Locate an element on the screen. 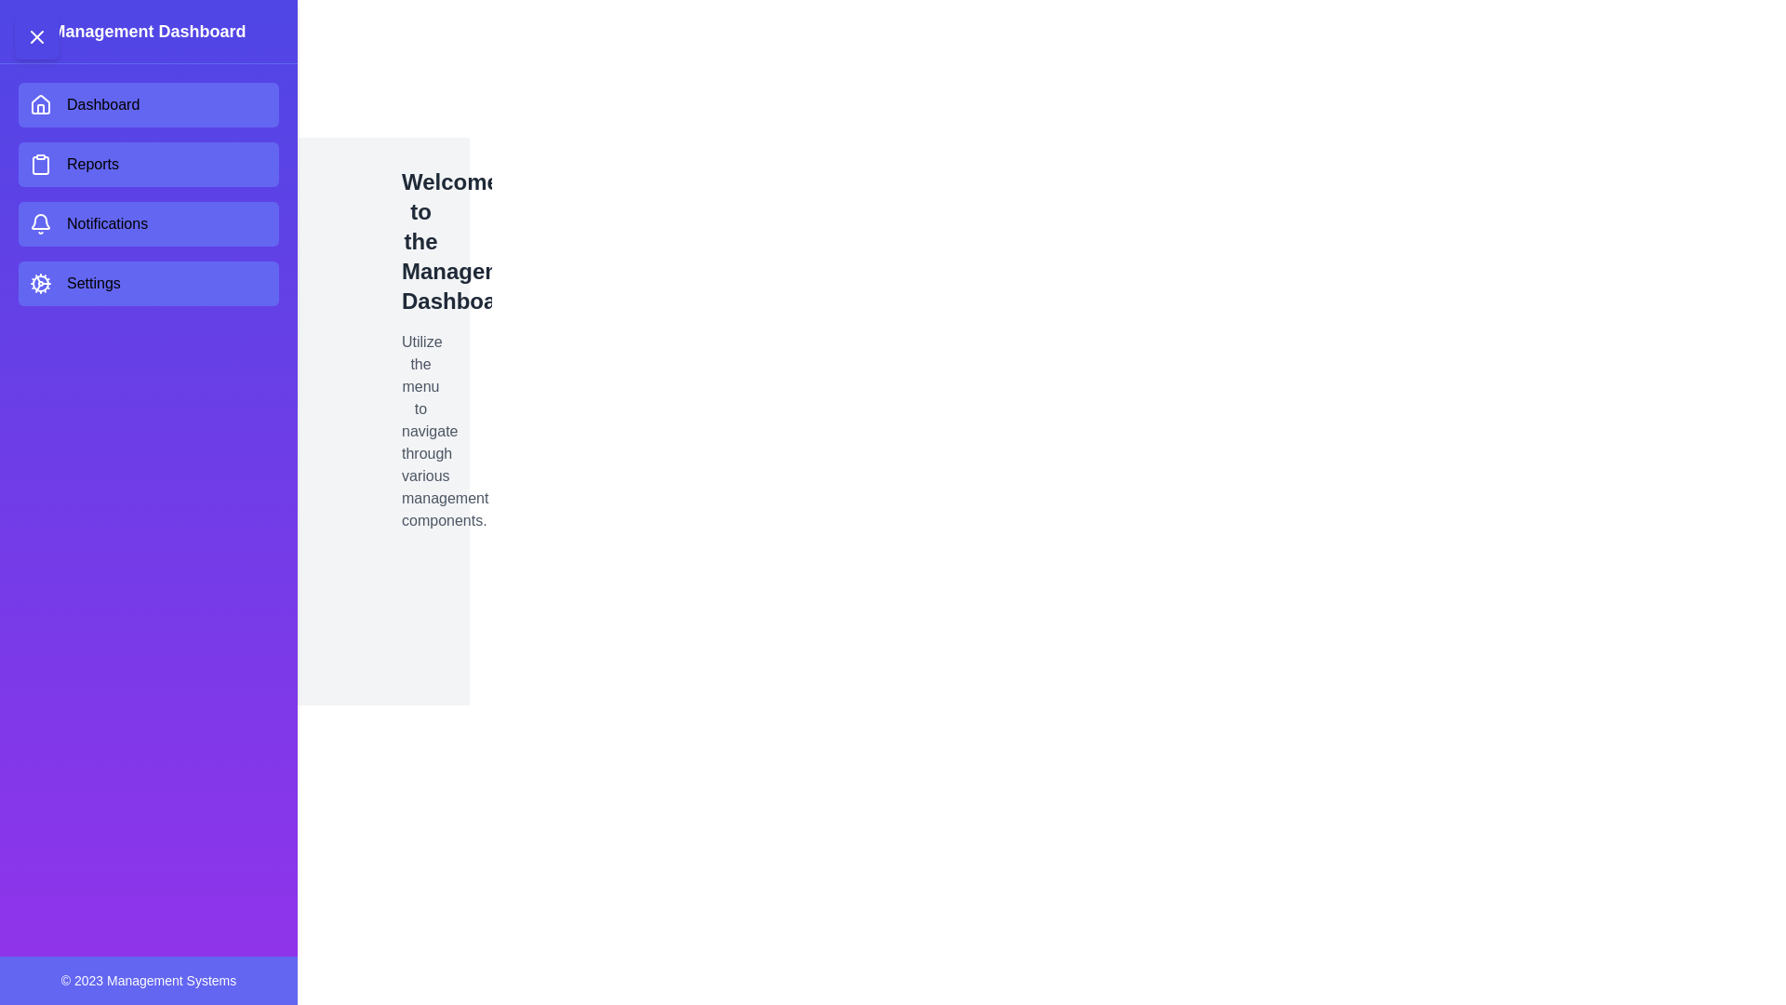 This screenshot has width=1786, height=1005. the innermost circular part of the cog icon used to represent the 'Settings' section in the sidebar navigation menu is located at coordinates (40, 283).